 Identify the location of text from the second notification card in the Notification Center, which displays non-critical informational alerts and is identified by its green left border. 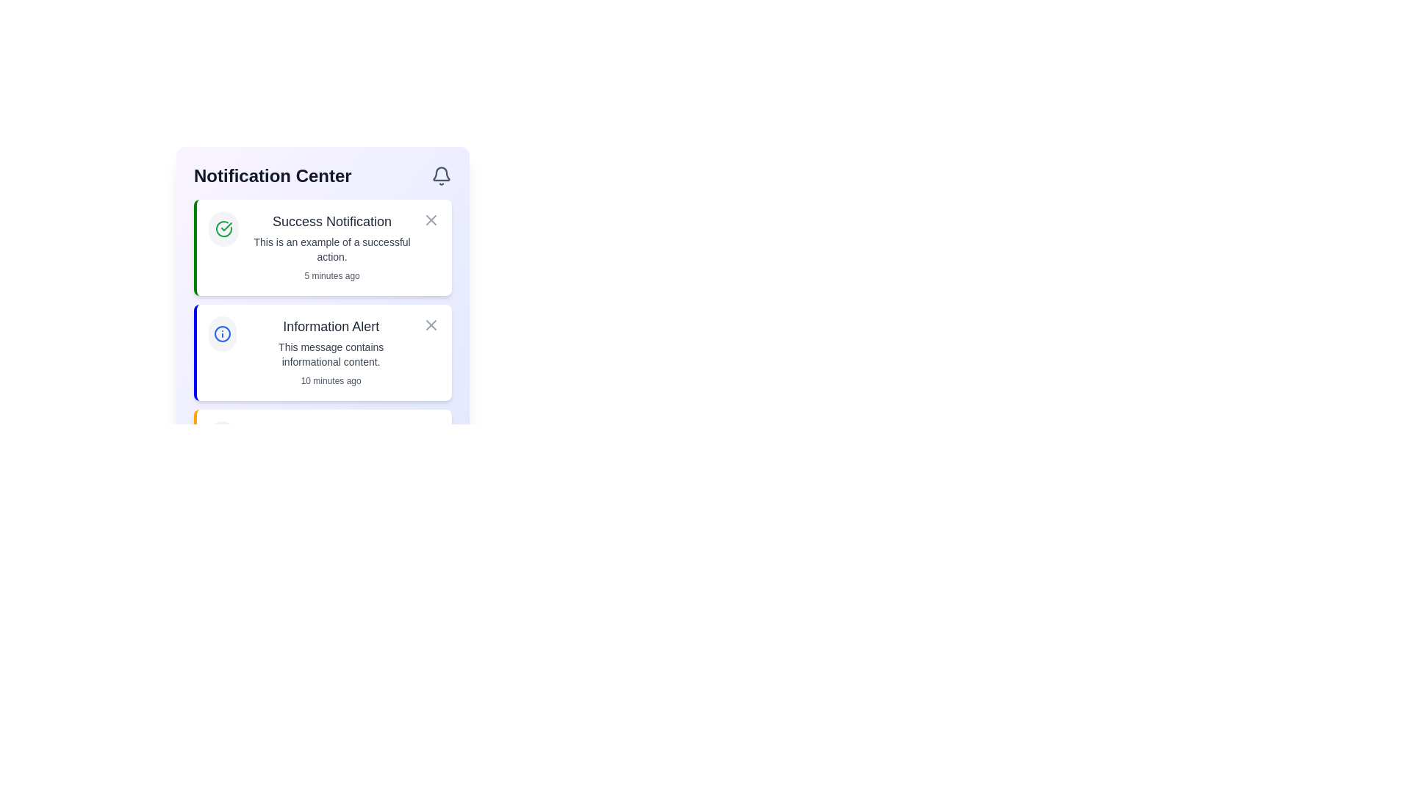
(322, 352).